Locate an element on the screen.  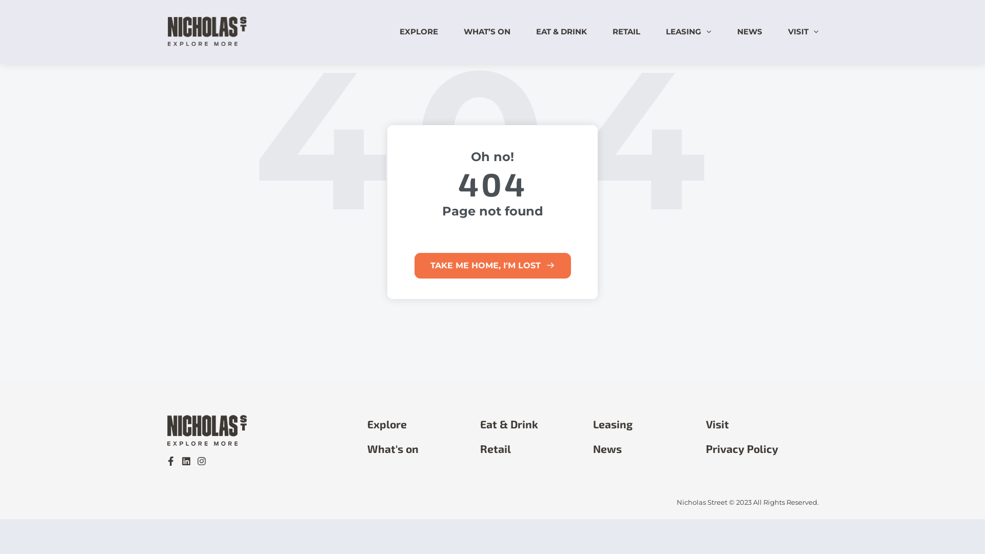
'RETAIL' is located at coordinates (625, 31).